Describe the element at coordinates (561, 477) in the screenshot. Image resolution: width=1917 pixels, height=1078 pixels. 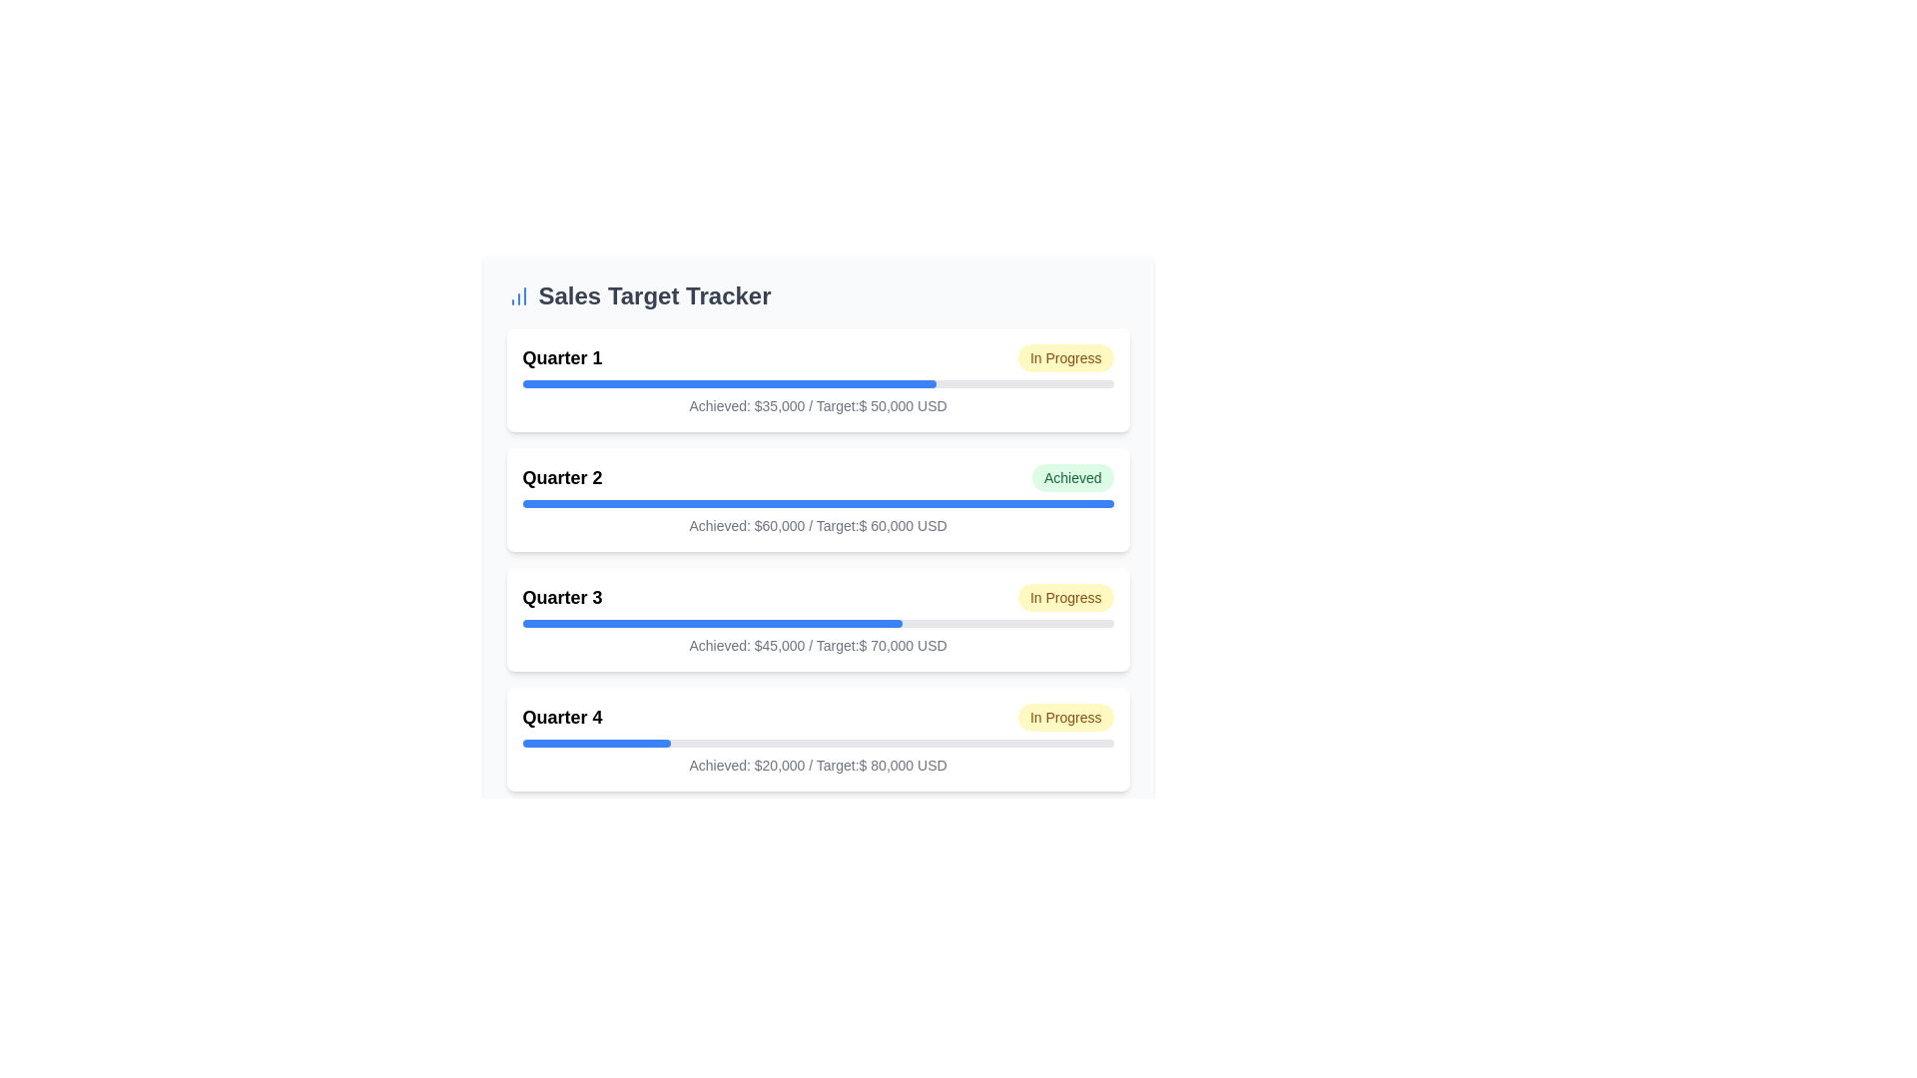
I see `the text label reading 'Quarter 2', which is styled with a bold font and is located above the progress bar for Quarter 2` at that location.